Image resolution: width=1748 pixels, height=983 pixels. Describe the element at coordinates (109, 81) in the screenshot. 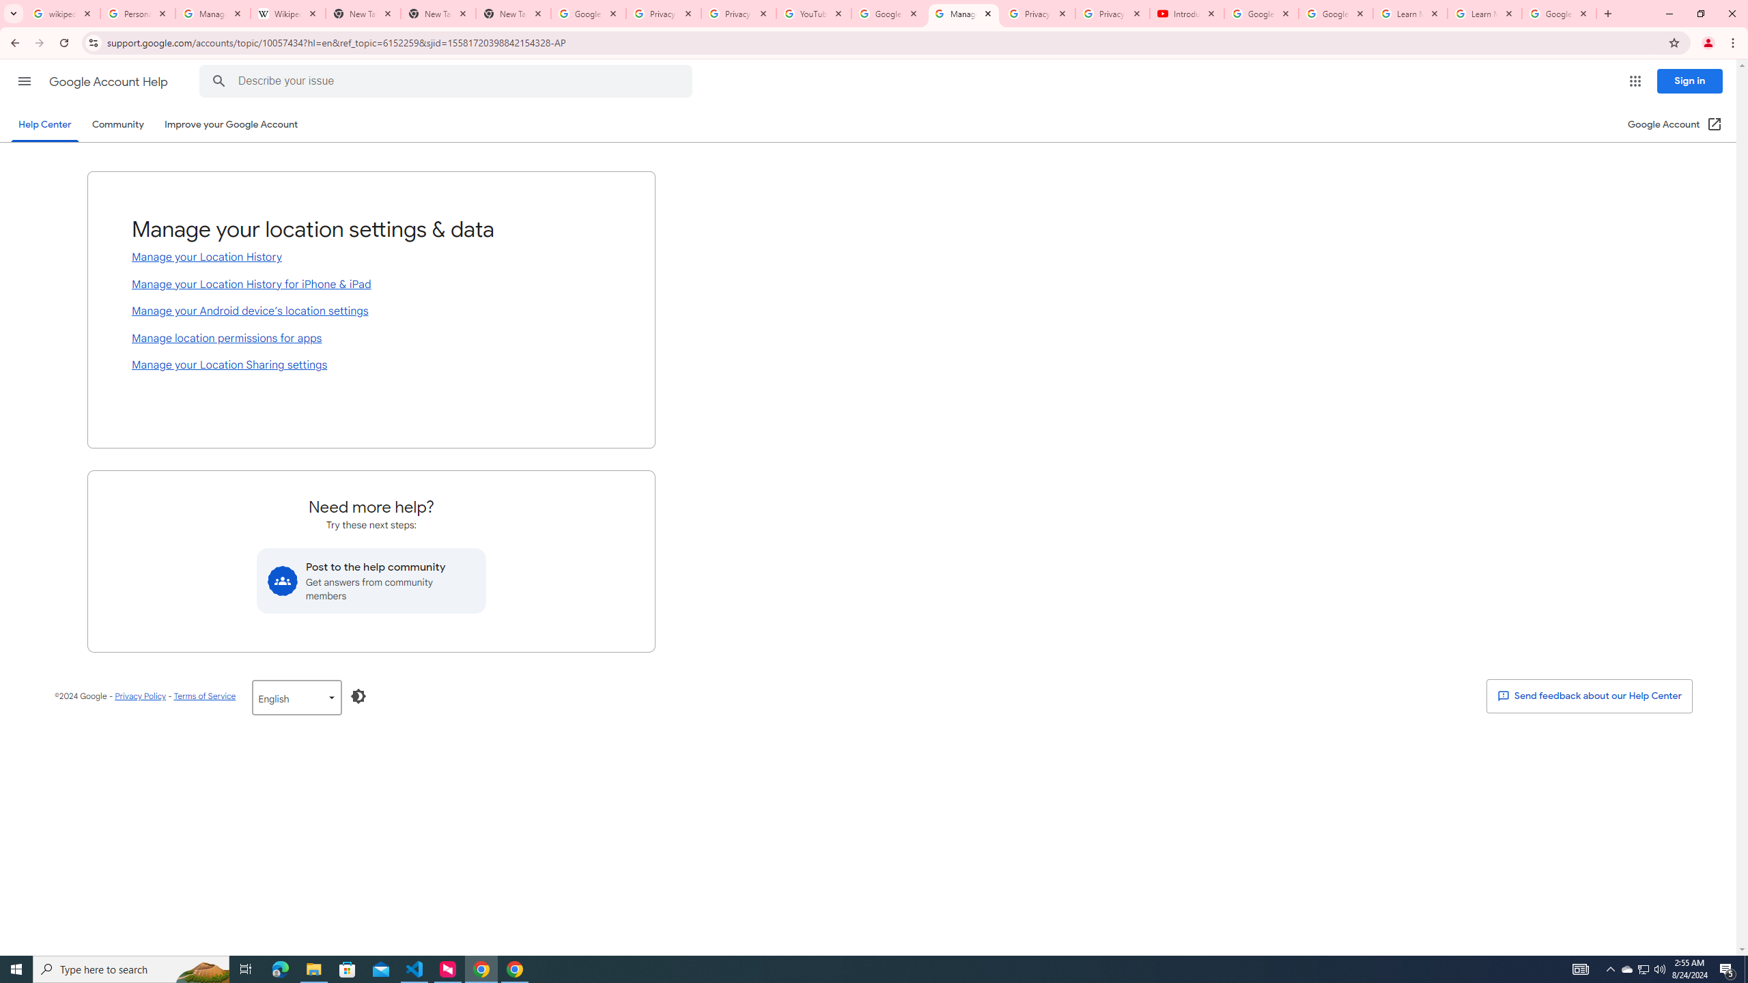

I see `'Google Account Help'` at that location.